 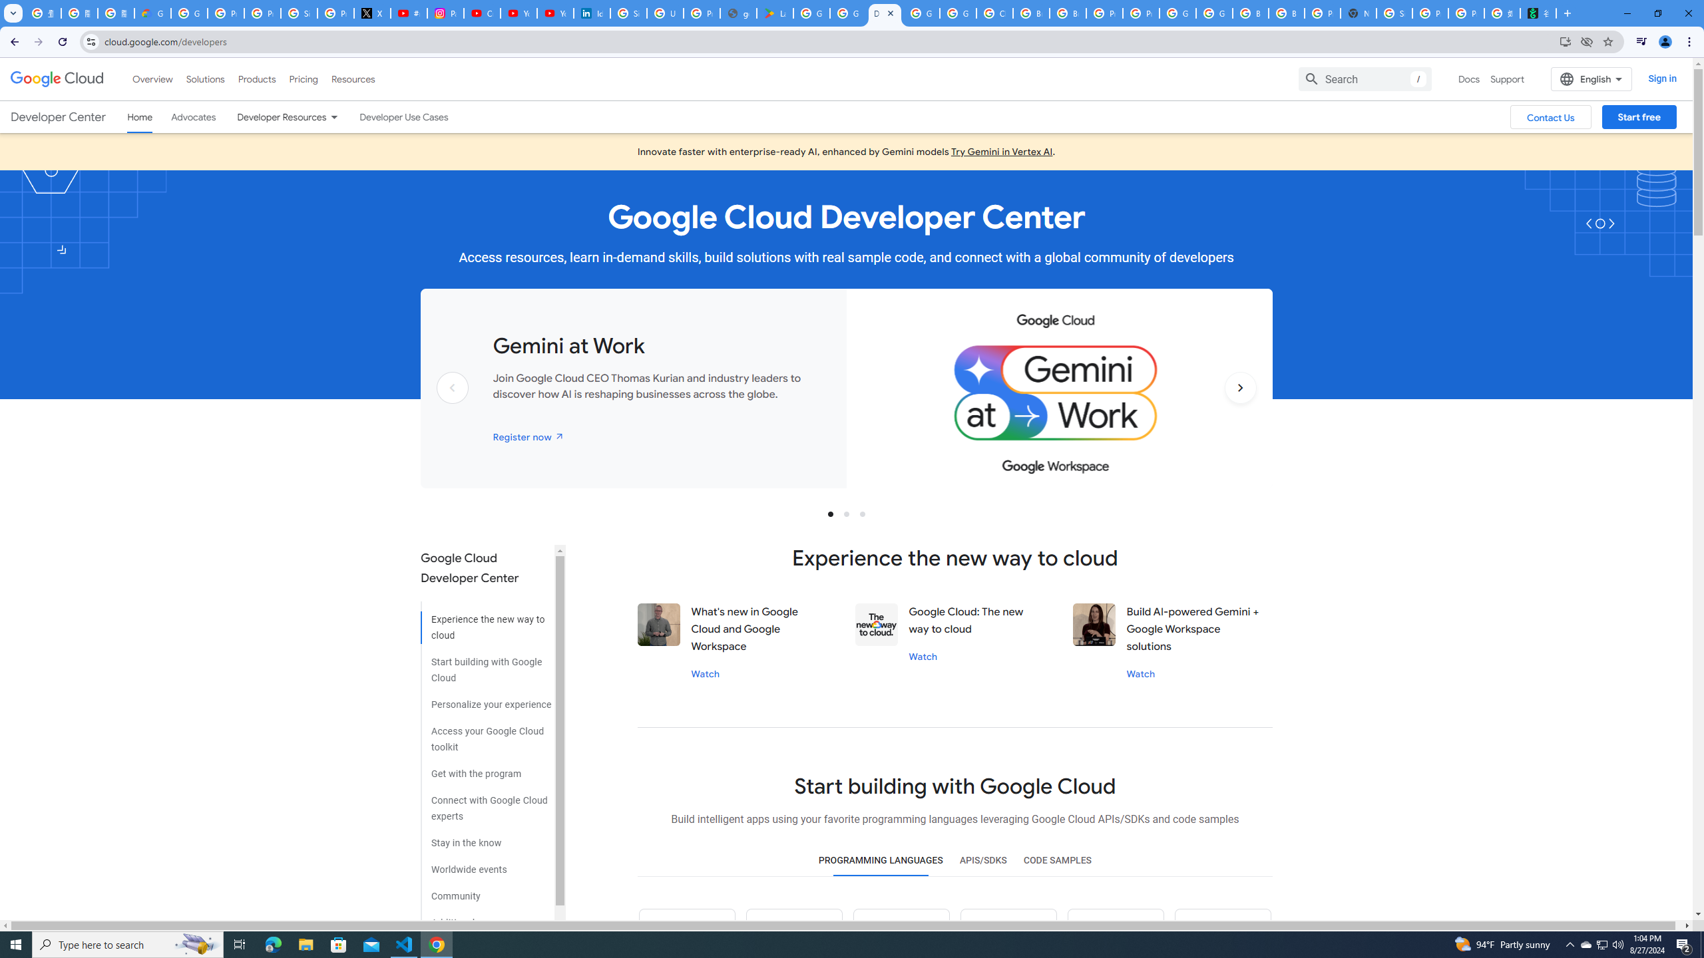 What do you see at coordinates (847, 13) in the screenshot?
I see `'Google Workspace - Specific Terms'` at bounding box center [847, 13].